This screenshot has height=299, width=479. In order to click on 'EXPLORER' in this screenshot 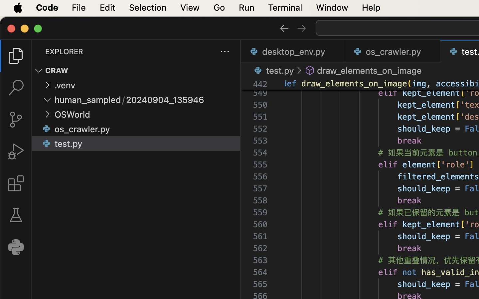, I will do `click(64, 51)`.